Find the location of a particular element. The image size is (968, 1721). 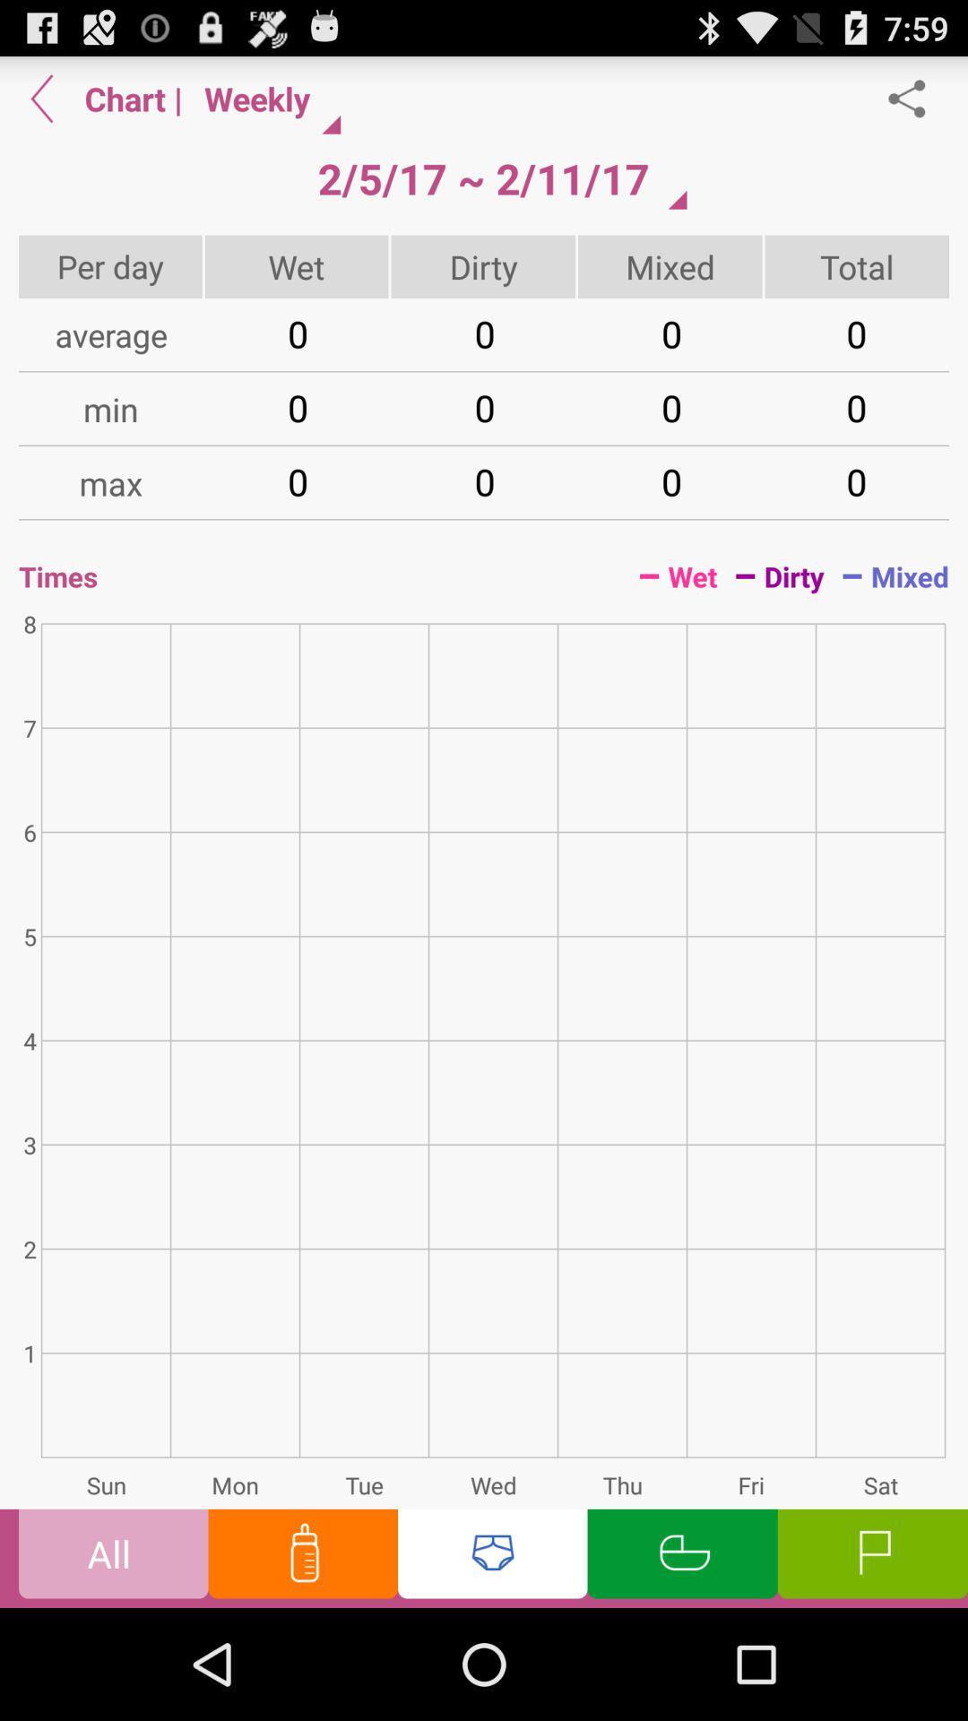

feed button is located at coordinates (302, 1557).